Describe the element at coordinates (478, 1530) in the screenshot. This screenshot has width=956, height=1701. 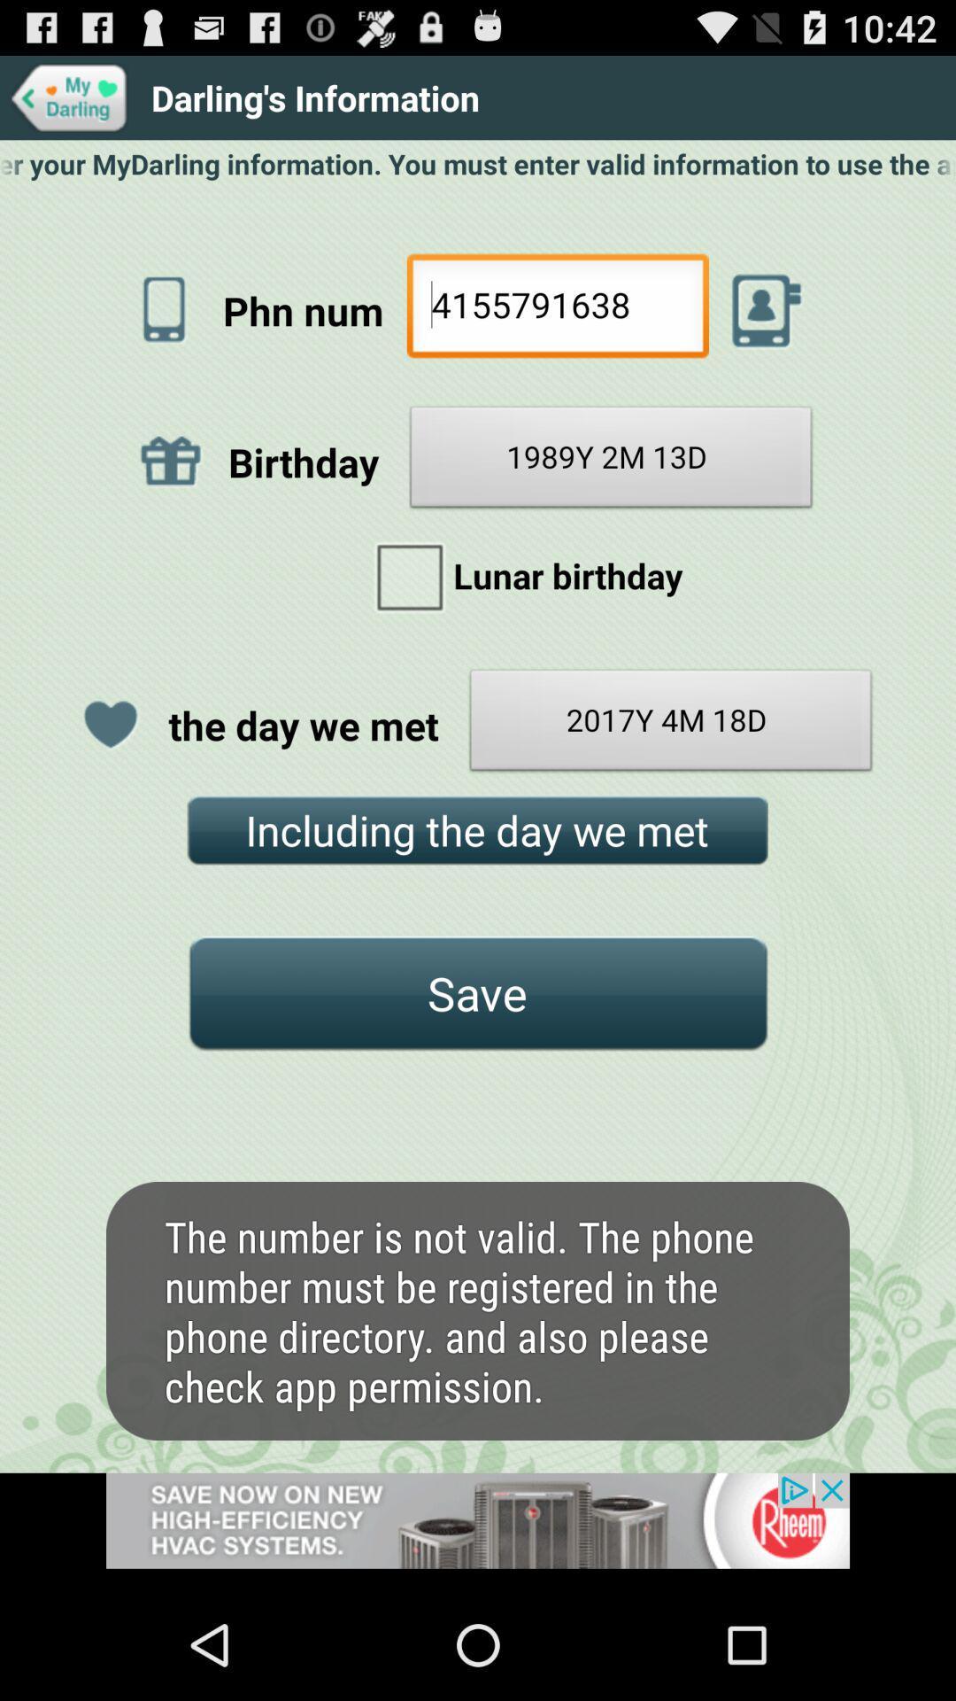
I see `advertisement for rheem` at that location.